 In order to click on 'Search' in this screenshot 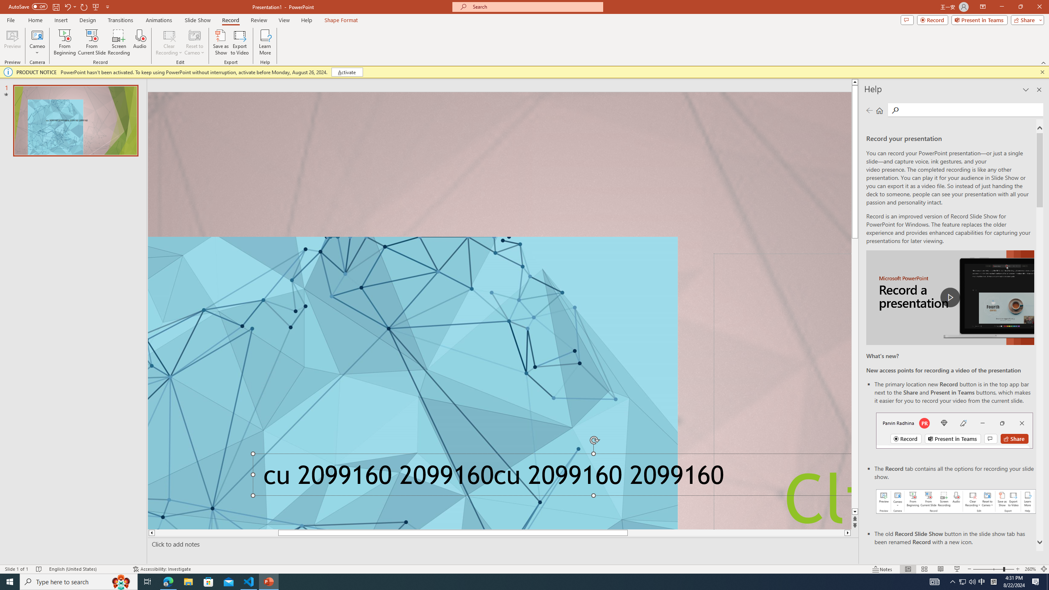, I will do `click(894, 110)`.